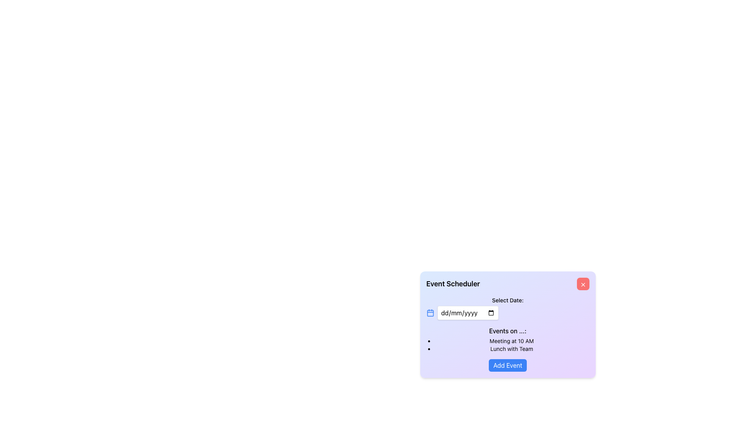 This screenshot has height=423, width=752. I want to click on the 'Add Event' button located at the bottom of the 'Event Scheduler' dialog box, so click(508, 365).